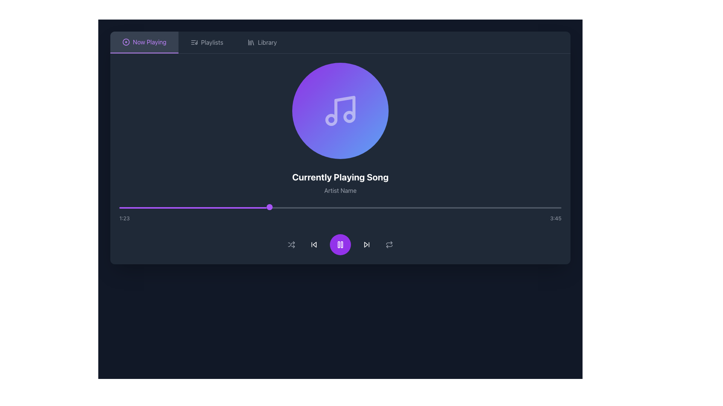  Describe the element at coordinates (340, 245) in the screenshot. I see `the unique purple circular button located at the center of the horizontal row of media controls` at that location.